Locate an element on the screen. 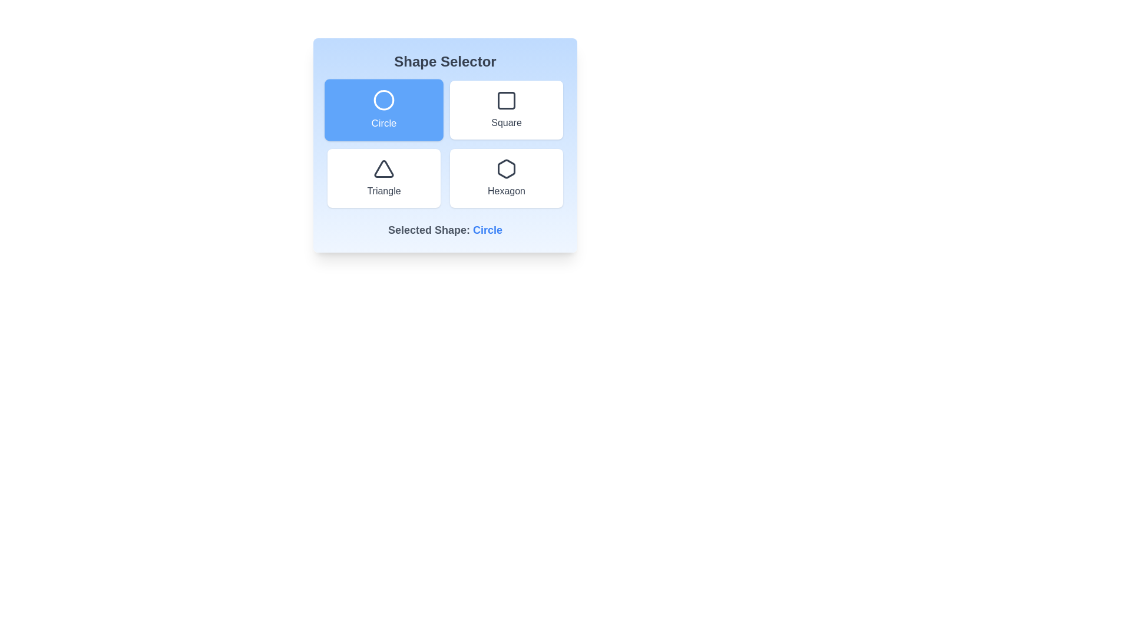 The image size is (1131, 636). the button corresponding to the shape Hexagon to select it is located at coordinates (506, 178).